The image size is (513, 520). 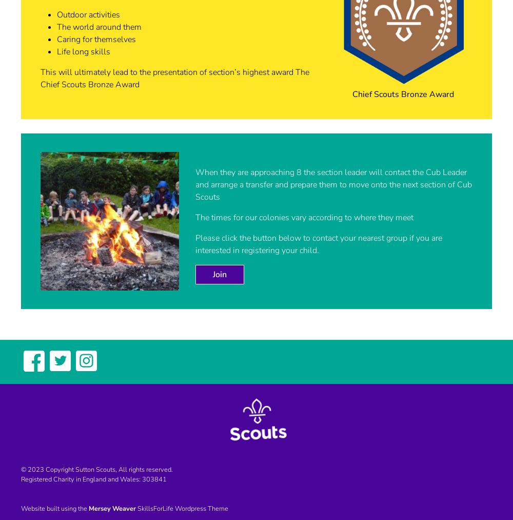 I want to click on 'Please click the button below to contact your nearest group if you are interested in registering your child.', so click(x=318, y=243).